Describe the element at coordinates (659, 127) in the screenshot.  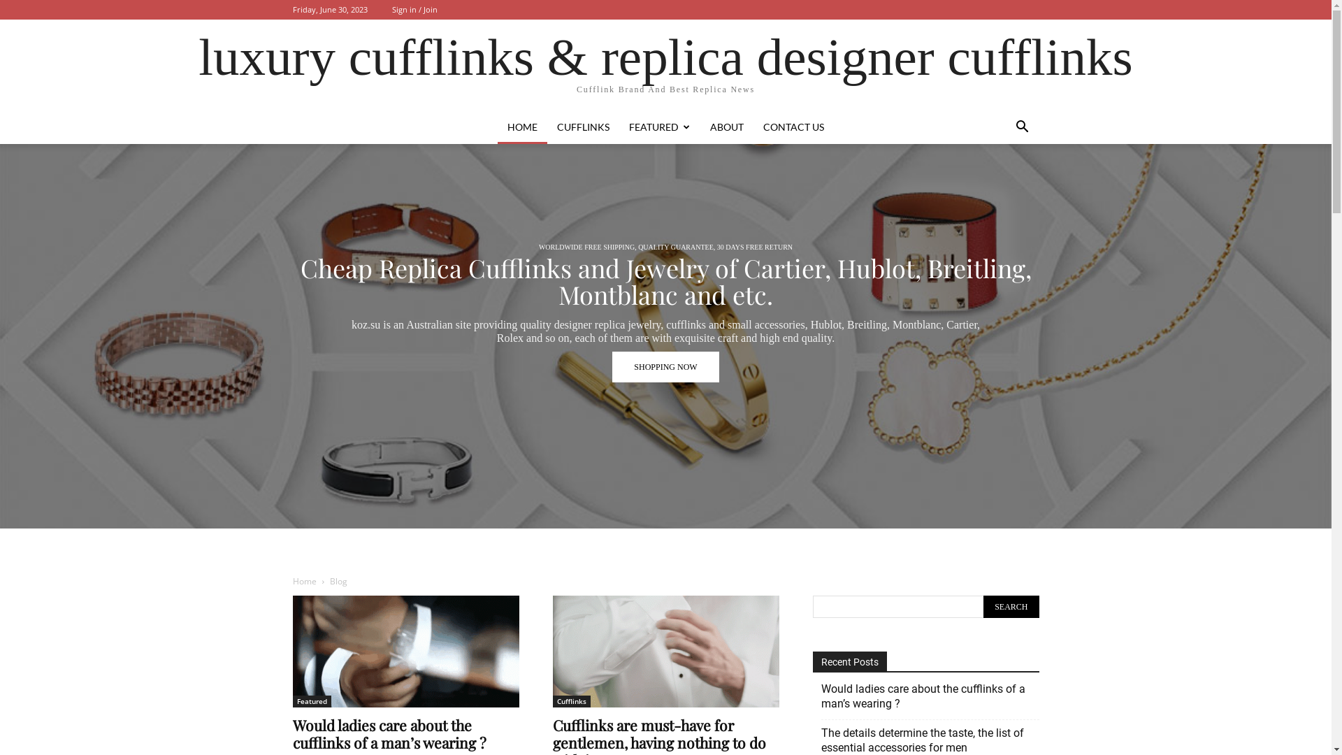
I see `'FEATURED'` at that location.